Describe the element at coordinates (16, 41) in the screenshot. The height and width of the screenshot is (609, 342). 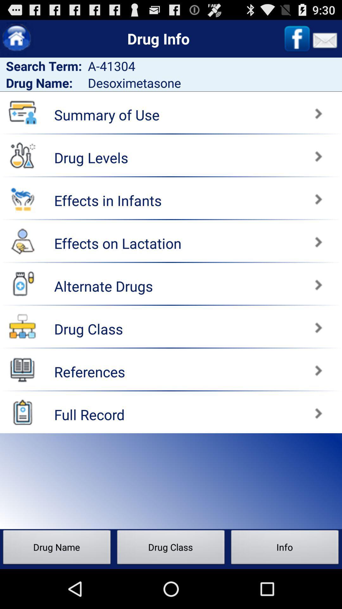
I see `the home icon` at that location.